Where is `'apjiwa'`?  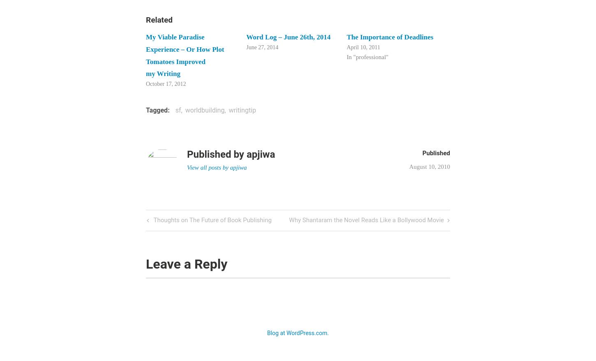
'apjiwa' is located at coordinates (260, 154).